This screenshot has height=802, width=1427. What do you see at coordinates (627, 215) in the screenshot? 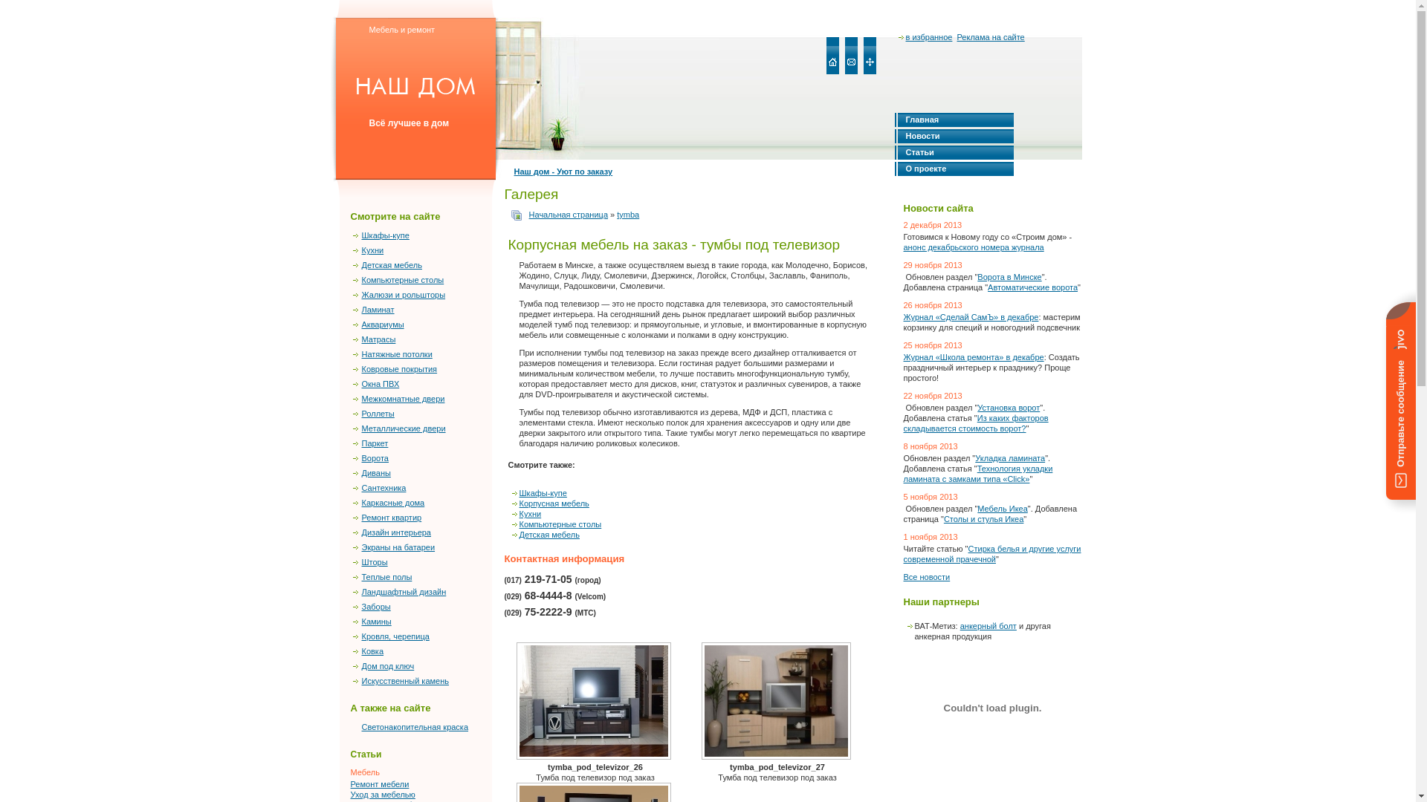
I see `'tymba'` at bounding box center [627, 215].